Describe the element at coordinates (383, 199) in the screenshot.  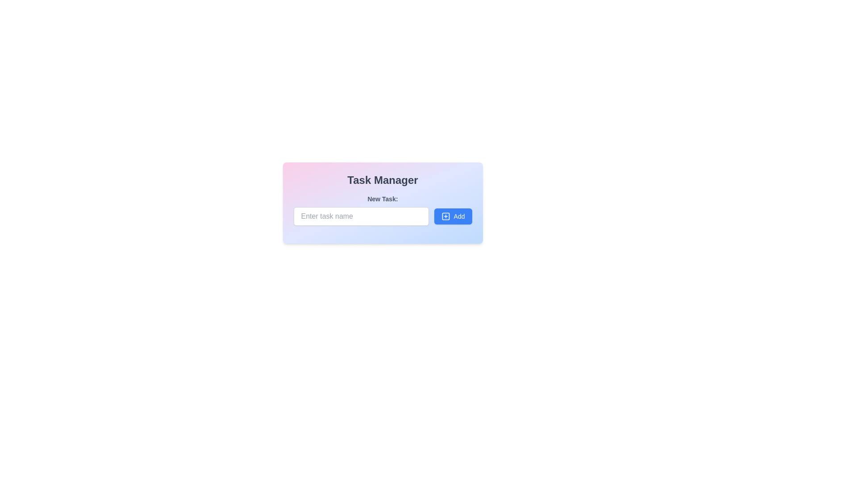
I see `the label reading 'New Task:' which is styled with bold, small-sized gray text and positioned above the text input field in the 'Task Manager' interface` at that location.